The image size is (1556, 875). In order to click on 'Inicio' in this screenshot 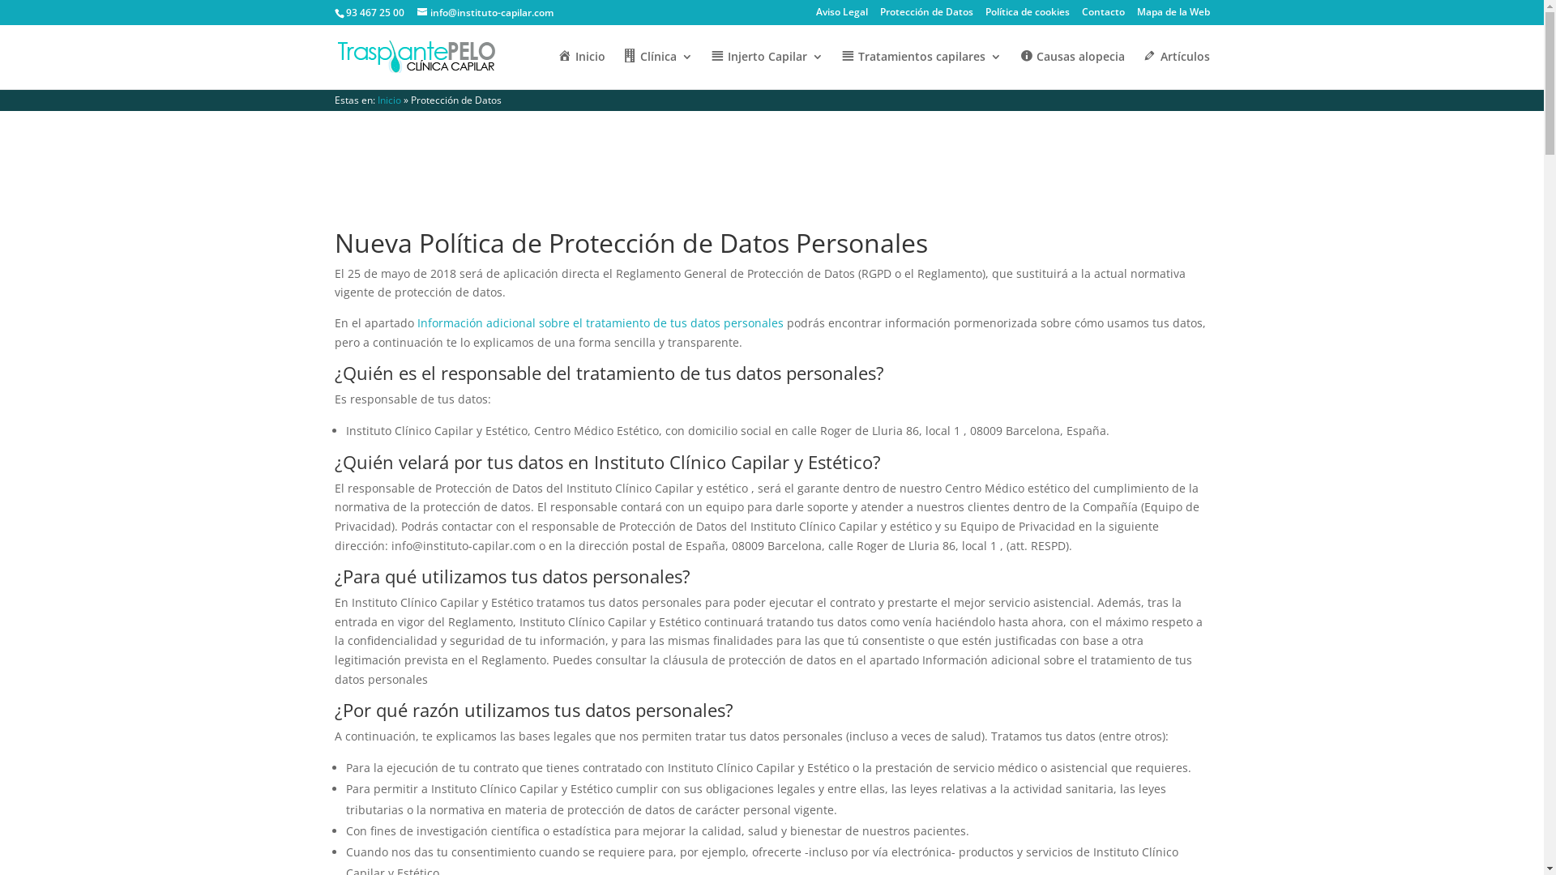, I will do `click(389, 100)`.